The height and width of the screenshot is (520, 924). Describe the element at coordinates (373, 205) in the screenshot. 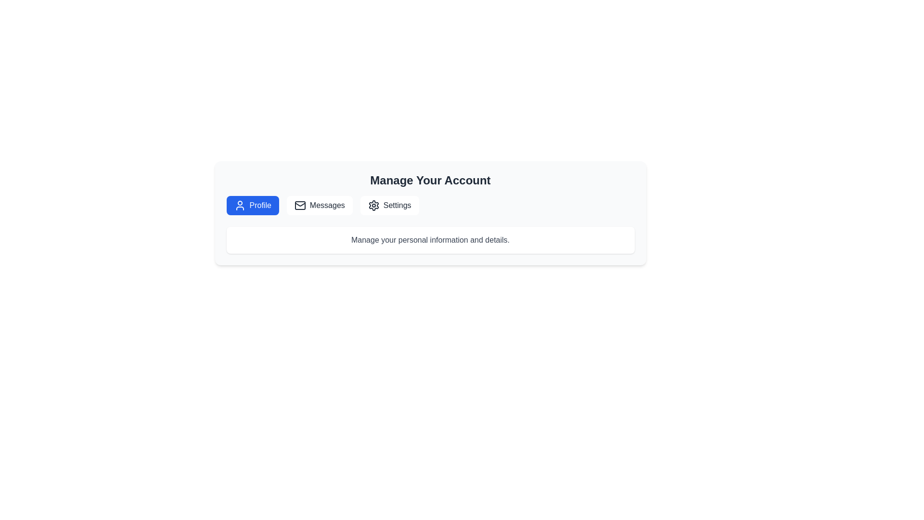

I see `the gear icon located in the 'Settings' tab section, which is the third button in the top navigation bar of the 'Manage Your Account' interface` at that location.